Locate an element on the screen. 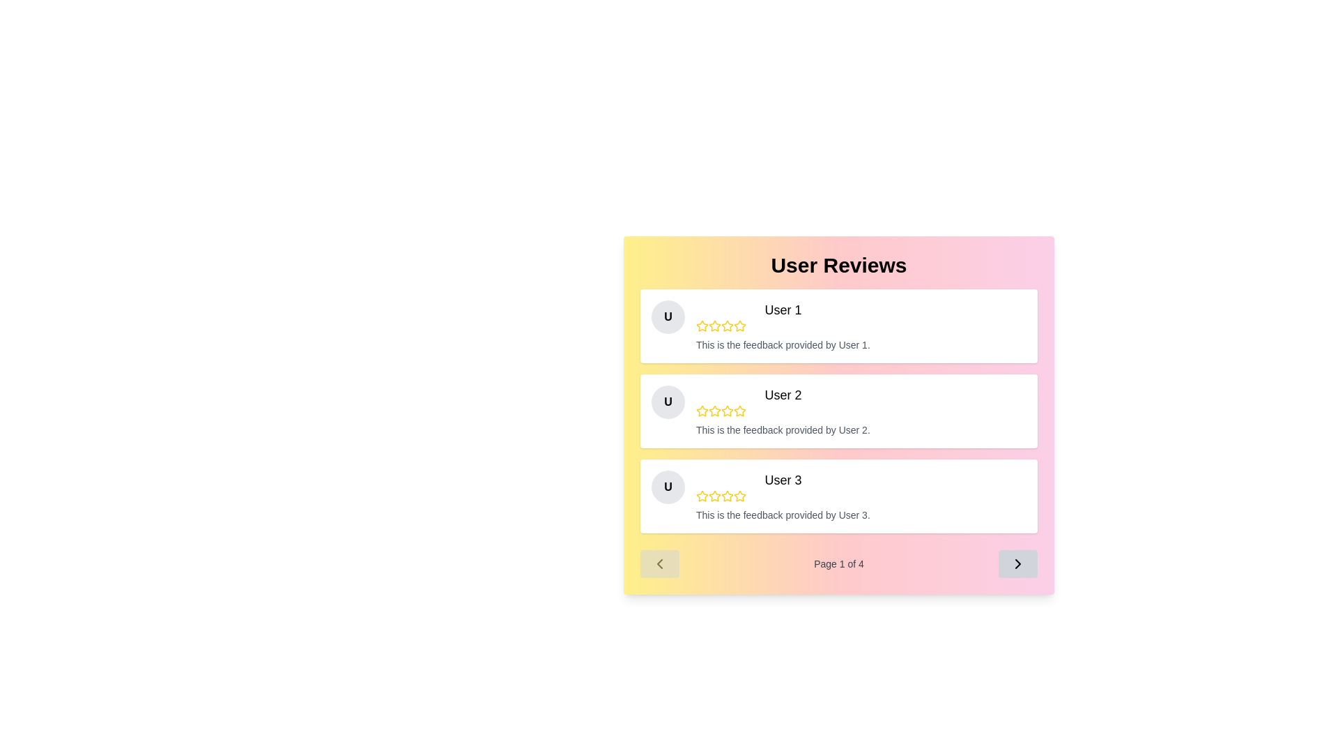 The height and width of the screenshot is (753, 1338). title text label located at the top of the first review card, which identifies the user providing feedback in a review context is located at coordinates (783, 309).